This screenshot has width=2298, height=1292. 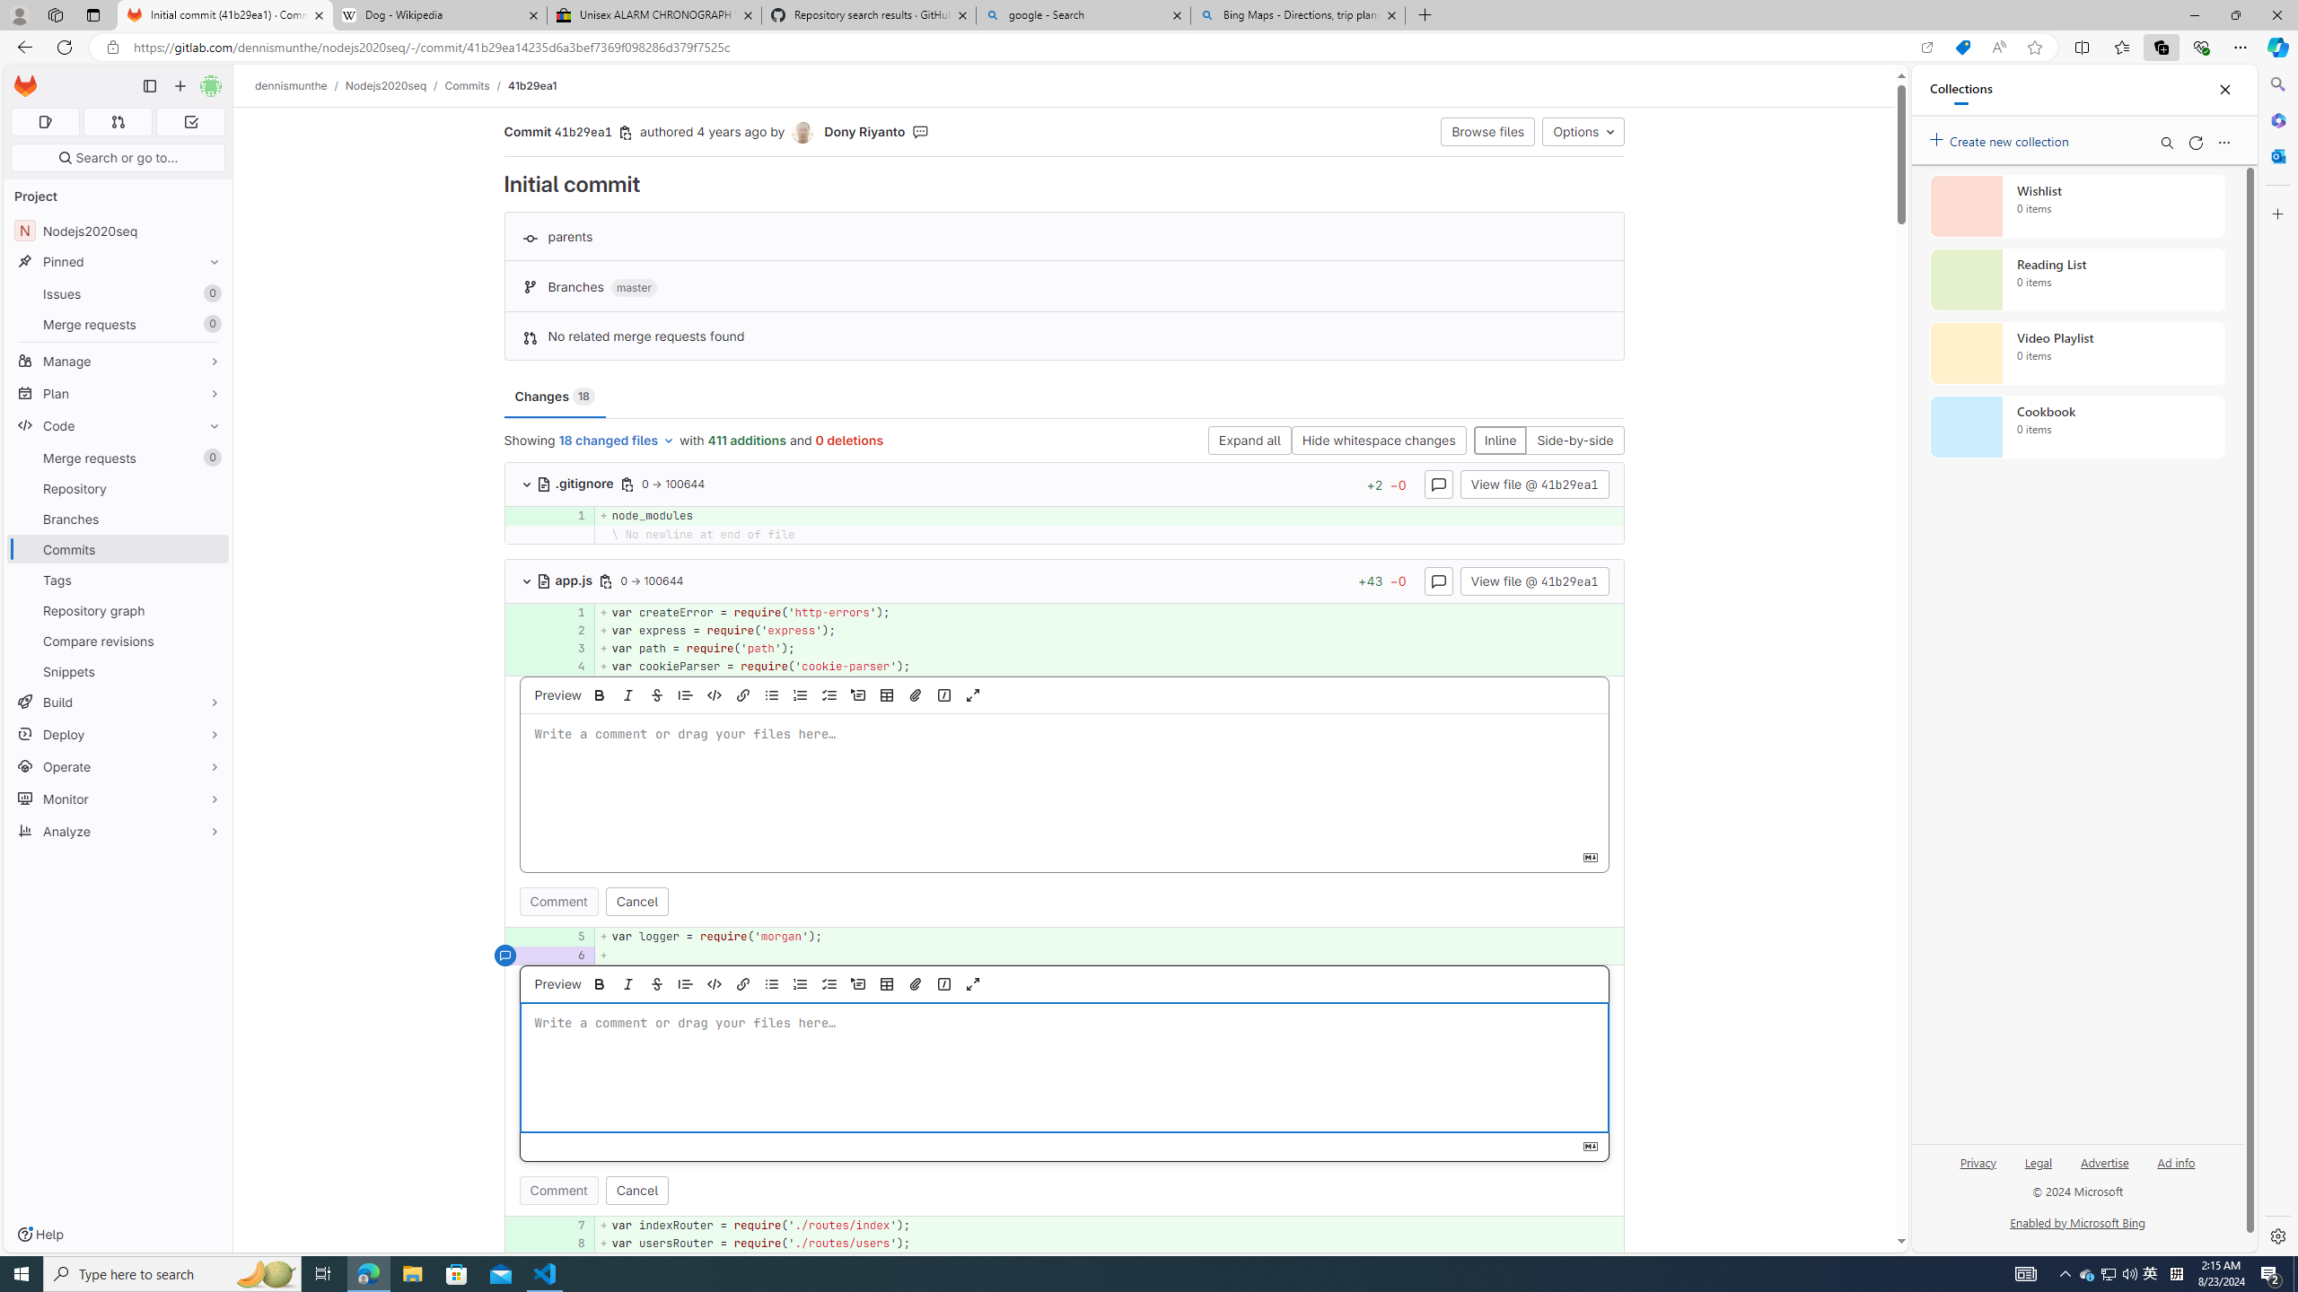 I want to click on '41b29ea1', so click(x=531, y=85).